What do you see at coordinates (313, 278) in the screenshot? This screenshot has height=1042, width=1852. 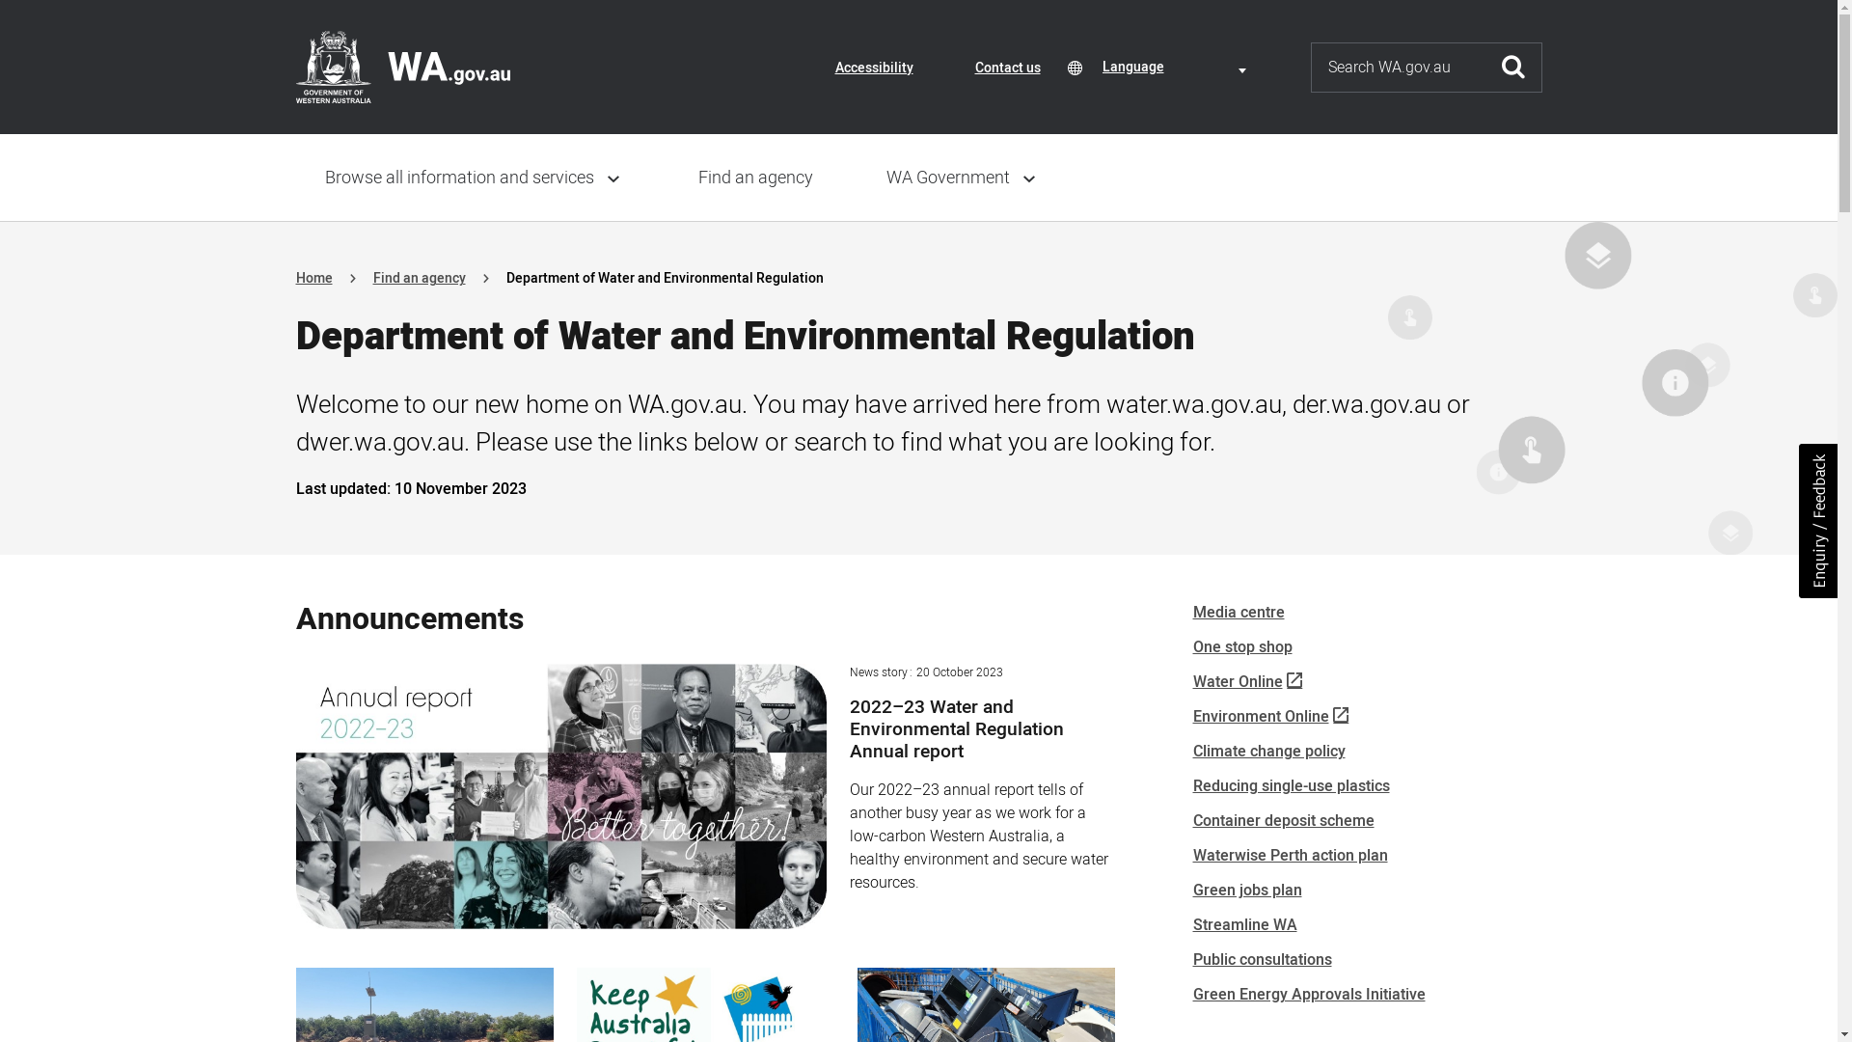 I see `'Home'` at bounding box center [313, 278].